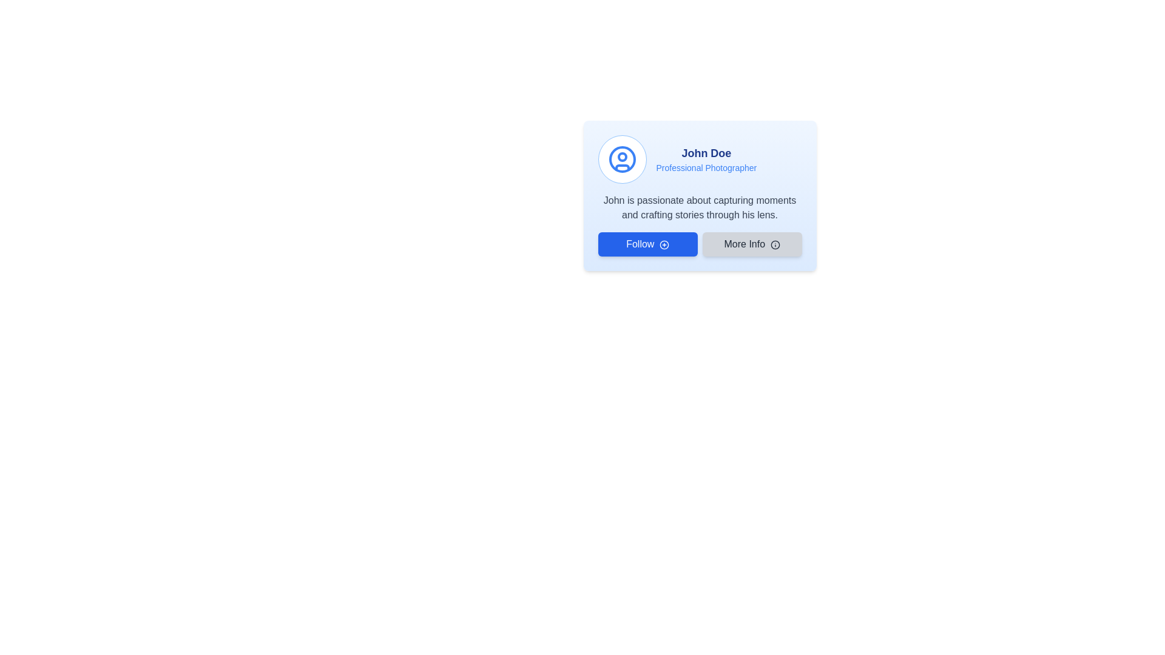 The height and width of the screenshot is (655, 1165). What do you see at coordinates (774, 244) in the screenshot?
I see `the circular information icon located to the right within the 'More Info' button, which features a thick visible border and a small dot or line inside` at bounding box center [774, 244].